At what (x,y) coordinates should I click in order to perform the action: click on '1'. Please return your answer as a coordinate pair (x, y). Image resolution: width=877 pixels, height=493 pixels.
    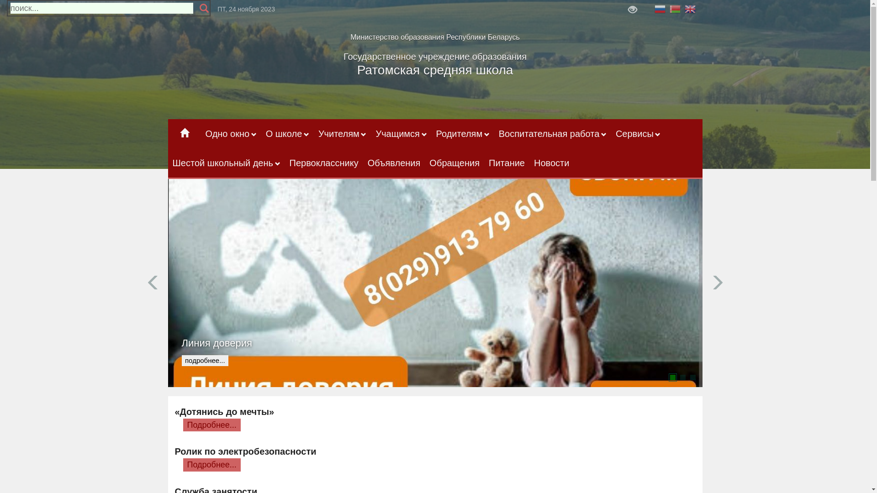
    Looking at the image, I should click on (669, 377).